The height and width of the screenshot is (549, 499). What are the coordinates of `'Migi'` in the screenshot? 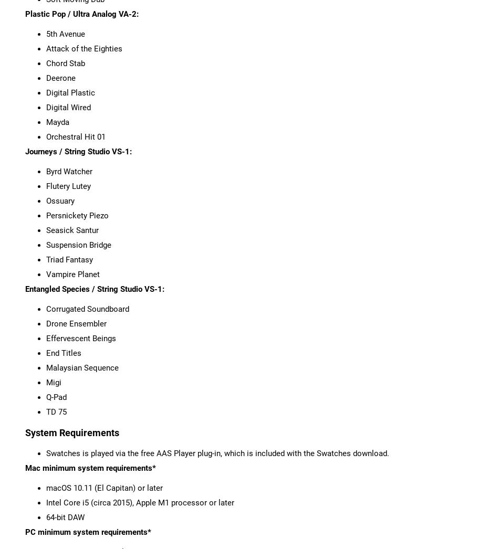 It's located at (53, 382).